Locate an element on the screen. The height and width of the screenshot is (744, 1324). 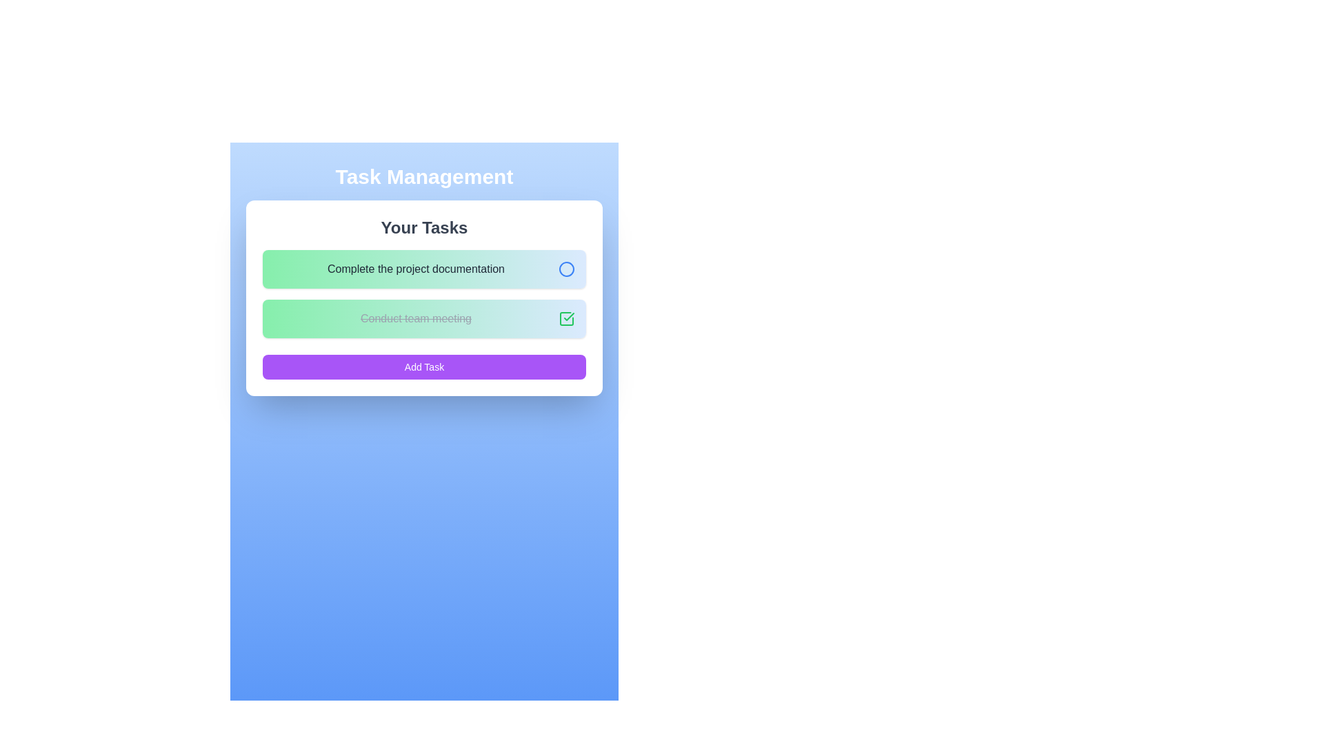
the text label displaying 'Conduct team meeting', which is styled with a line-through effect and is located below the 'Complete the project documentation' task and above the 'Add Task' button is located at coordinates (415, 318).